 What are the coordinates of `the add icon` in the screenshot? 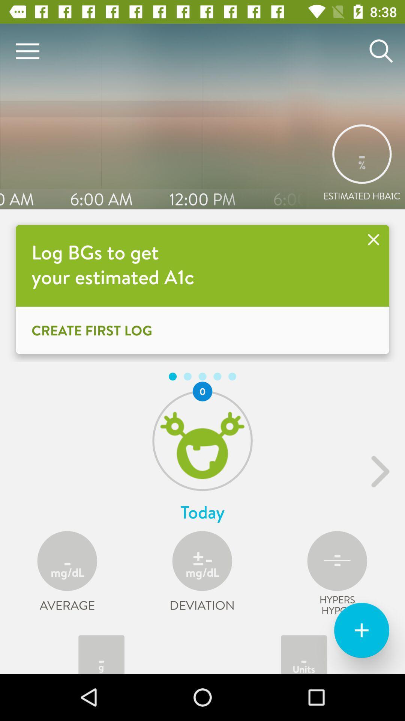 It's located at (361, 630).